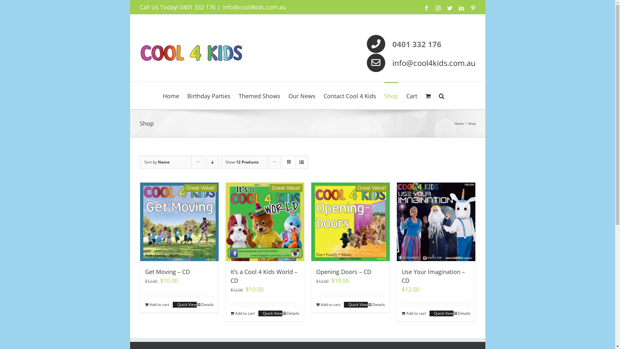 This screenshot has height=349, width=620. Describe the element at coordinates (157, 304) in the screenshot. I see `'Add to cart'` at that location.